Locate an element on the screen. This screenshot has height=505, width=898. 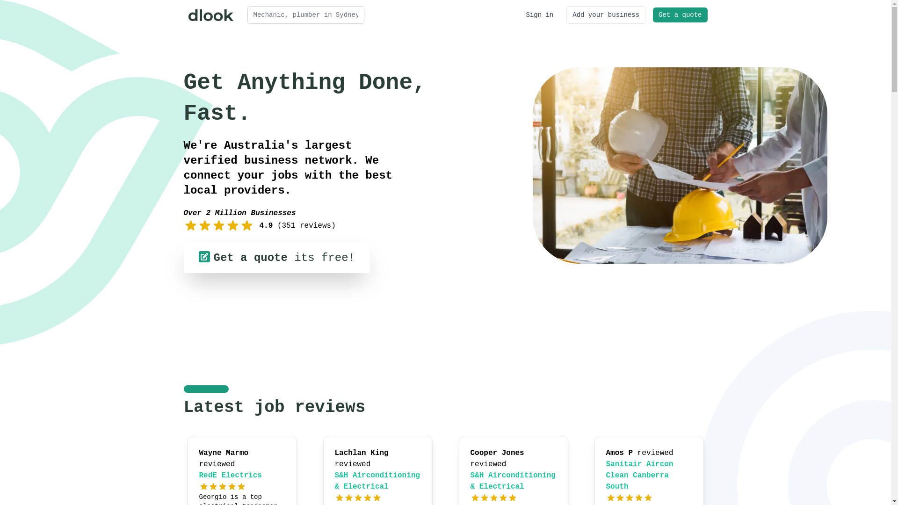
'Sanitair Aircon Clean Canberra South' is located at coordinates (639, 476).